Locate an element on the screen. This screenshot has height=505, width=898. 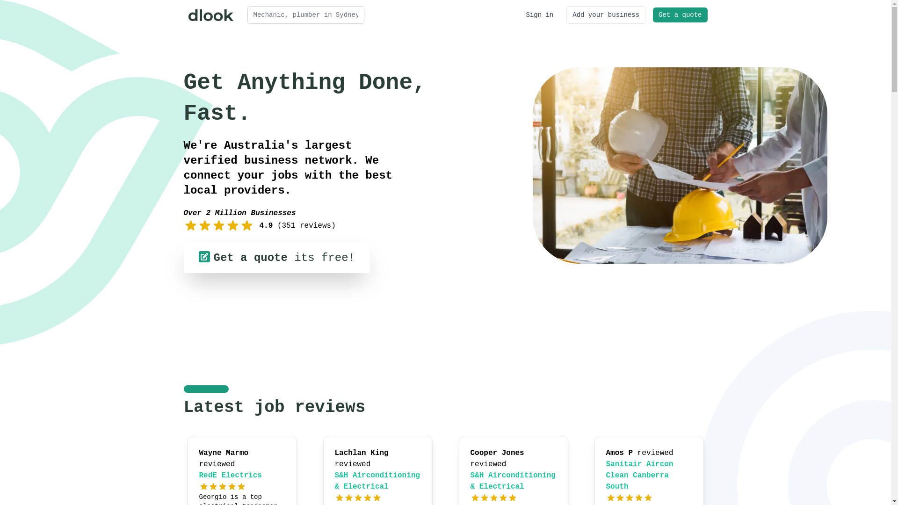
'Sanitair Aircon Clean Canberra South' is located at coordinates (639, 476).